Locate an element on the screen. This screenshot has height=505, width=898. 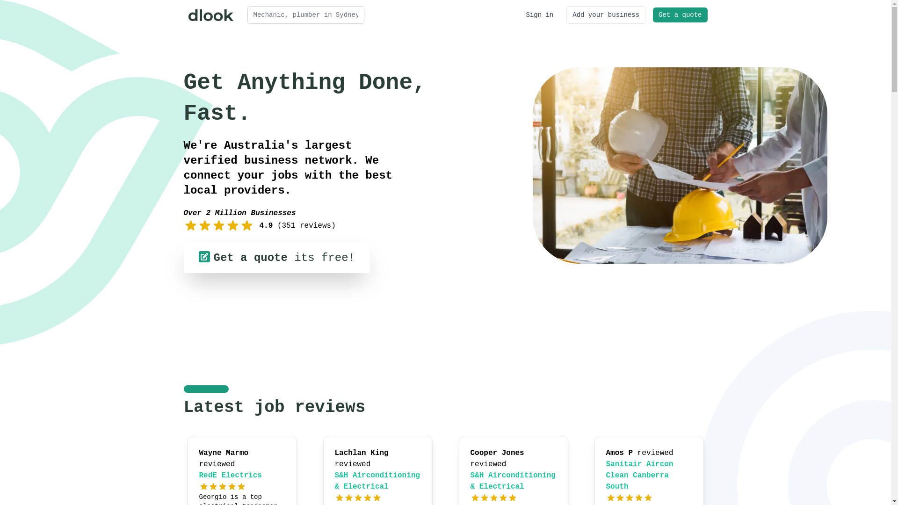
'Sanitair Aircon Clean Canberra South' is located at coordinates (639, 476).